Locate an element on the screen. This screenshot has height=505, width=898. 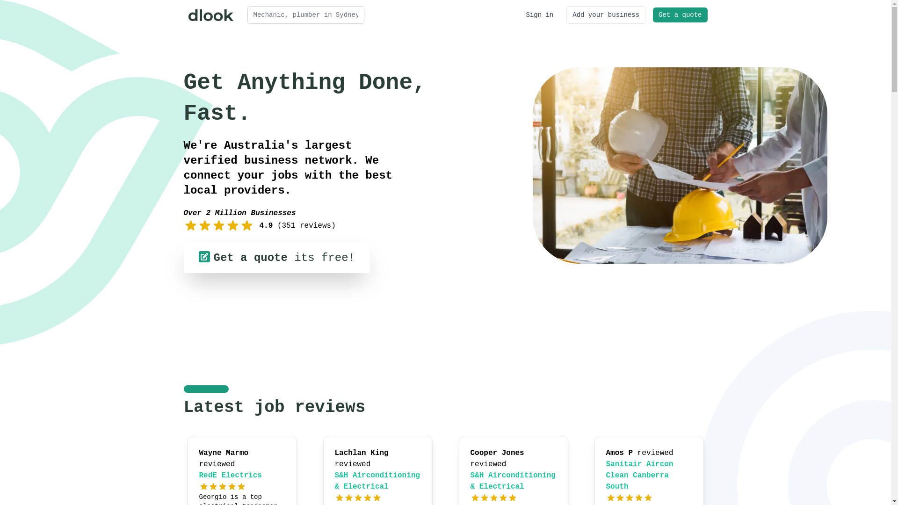
'Sanitair Aircon Clean Canberra South' is located at coordinates (639, 476).